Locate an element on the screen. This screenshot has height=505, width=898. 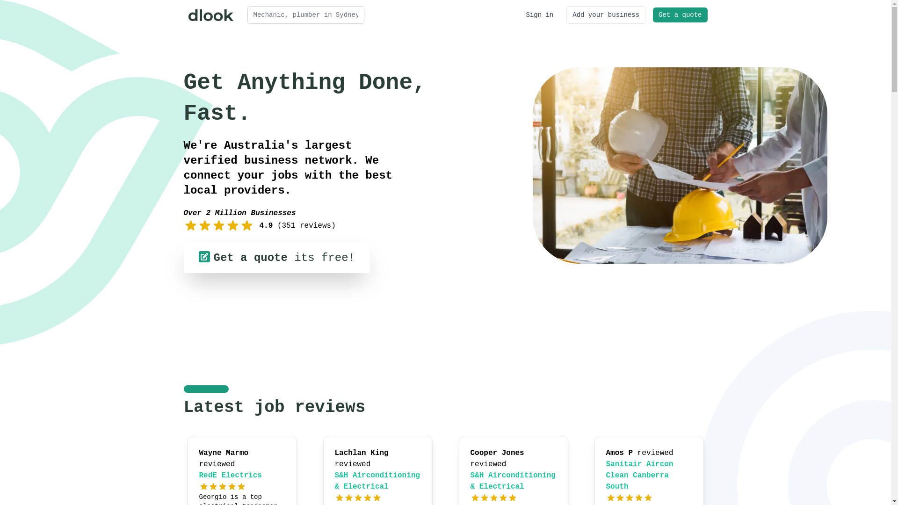
'Sanitair Aircon Clean Canberra South' is located at coordinates (639, 476).